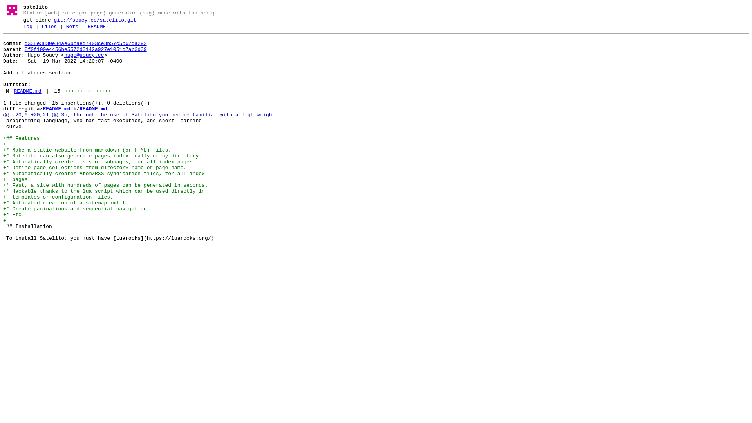 This screenshot has width=752, height=423. Describe the element at coordinates (86, 43) in the screenshot. I see `'d338e3830e34ae6bcaed7403ce3b57c5b62da292'` at that location.